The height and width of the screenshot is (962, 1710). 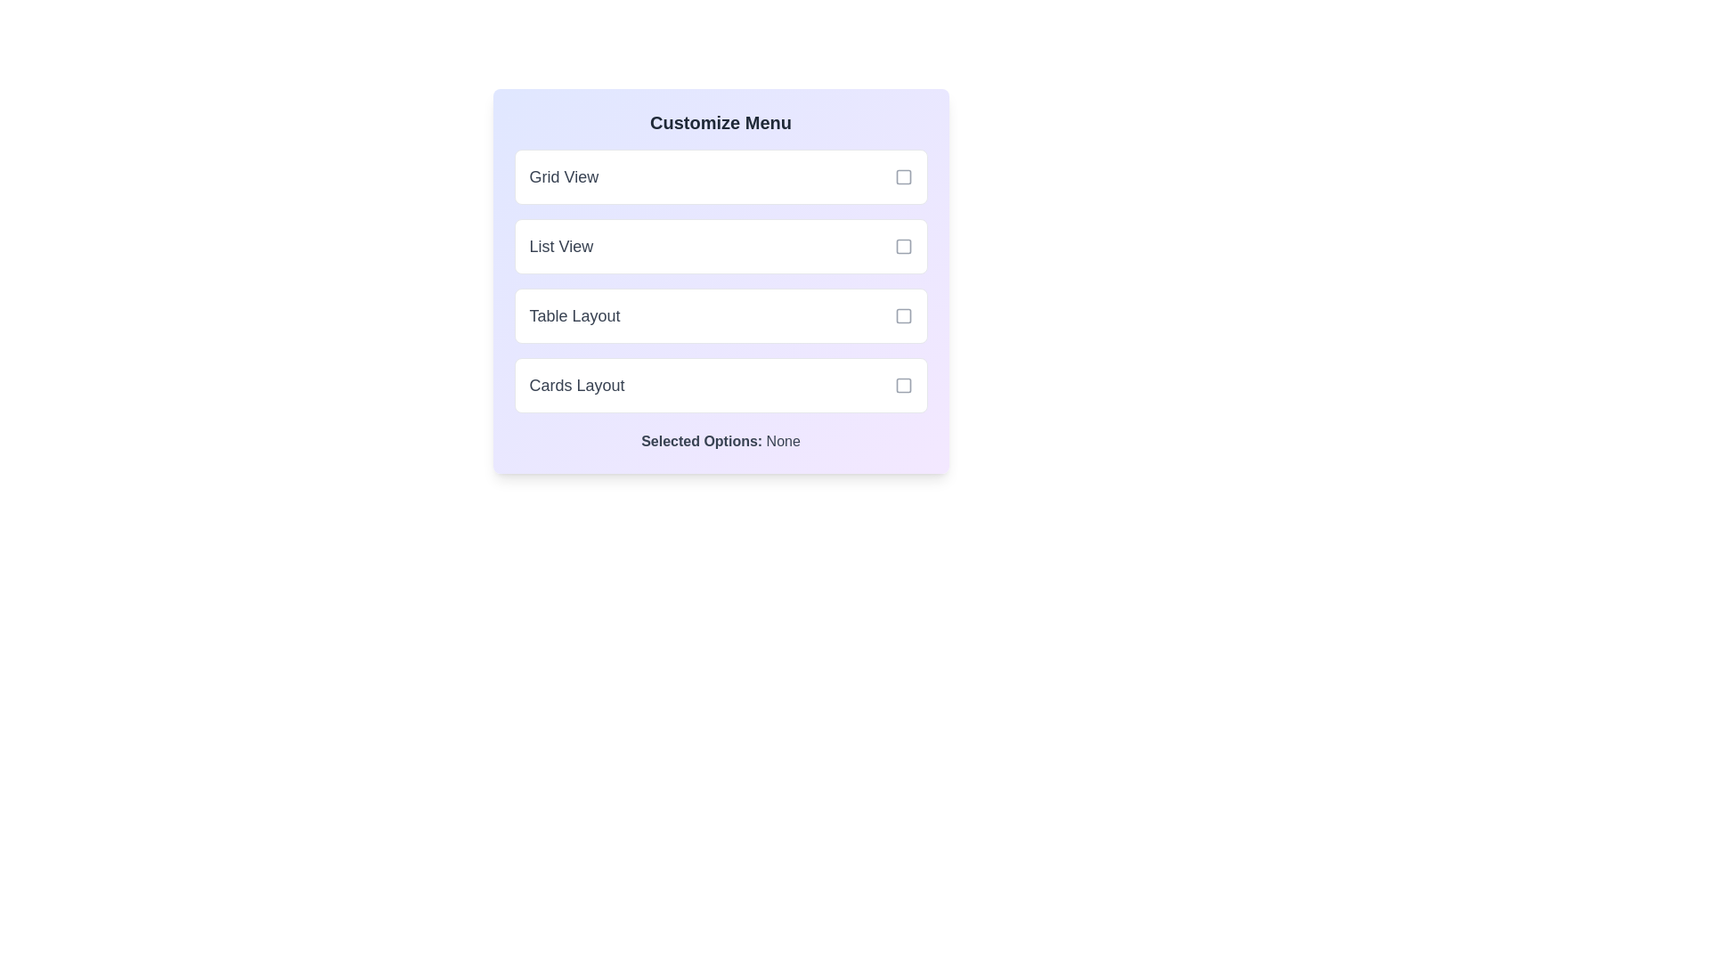 I want to click on text label describing the fourth selection option in the 'Customize Menu' panel, which is located to the left of the associated checkbox, so click(x=577, y=384).